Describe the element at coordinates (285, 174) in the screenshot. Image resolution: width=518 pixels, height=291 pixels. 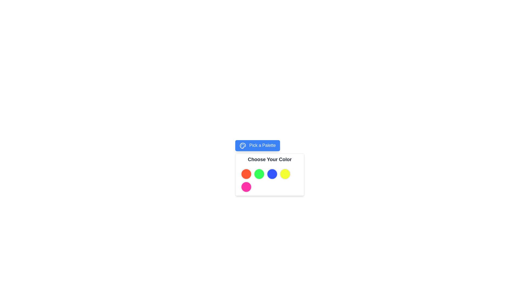
I see `the fourth circular button in the top row of the color selection grid` at that location.